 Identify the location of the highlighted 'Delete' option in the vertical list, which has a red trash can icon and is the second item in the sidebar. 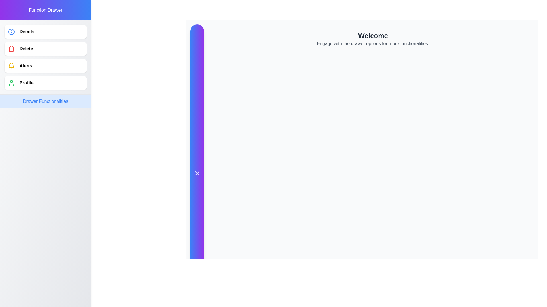
(45, 57).